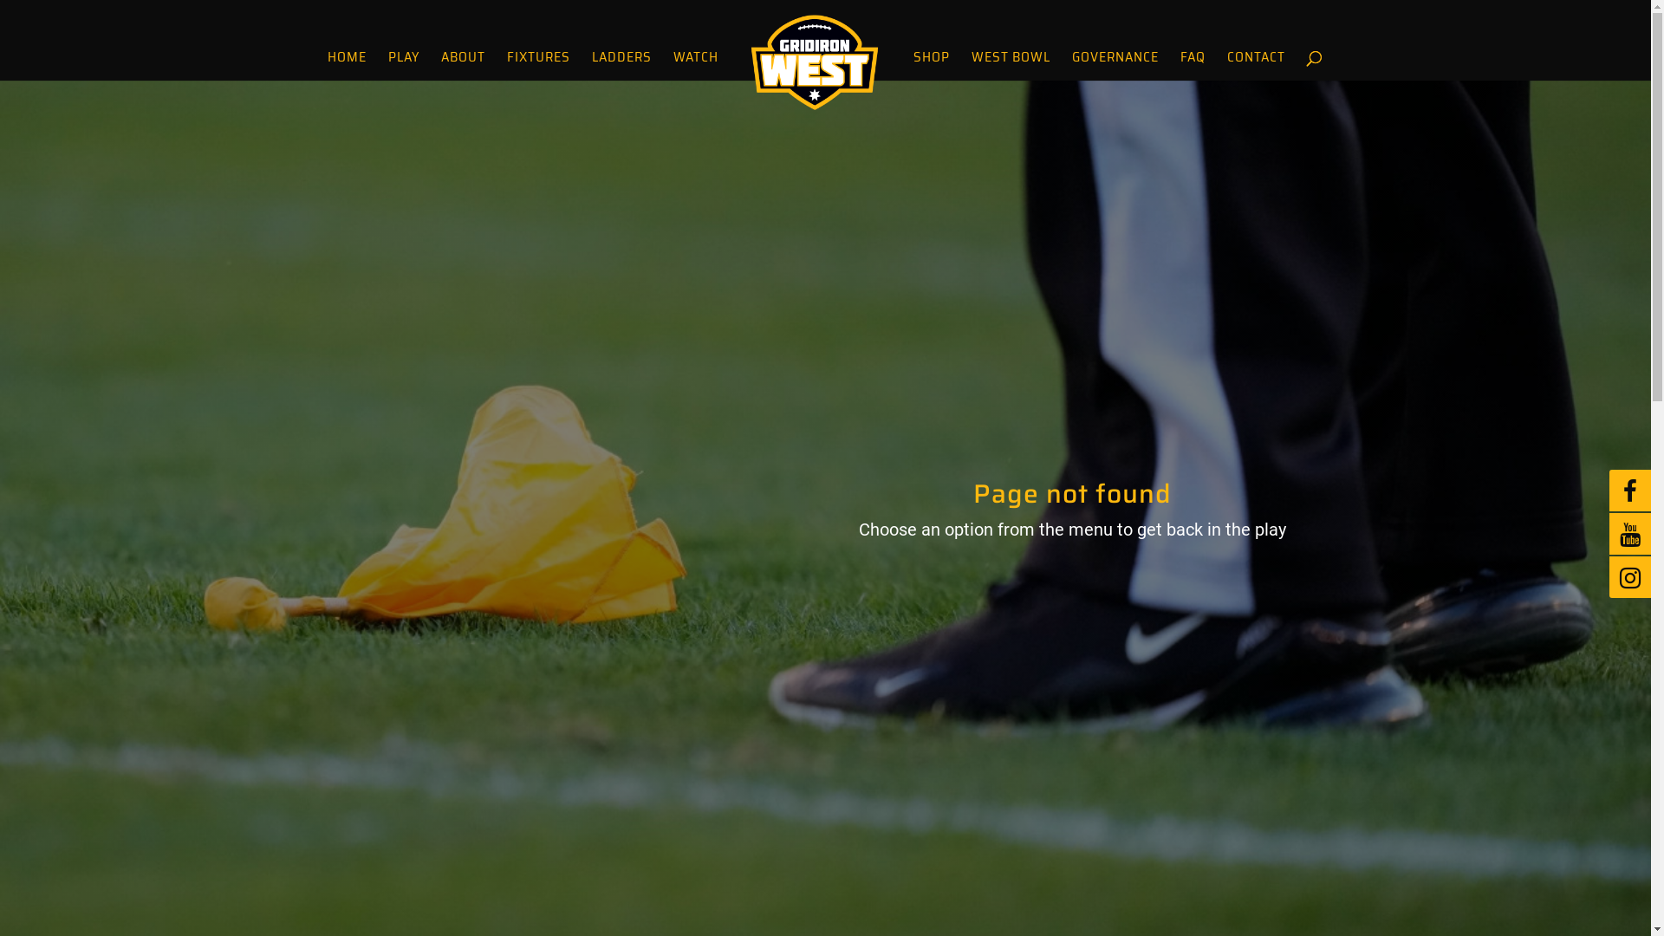  Describe the element at coordinates (621, 65) in the screenshot. I see `'LADDERS'` at that location.